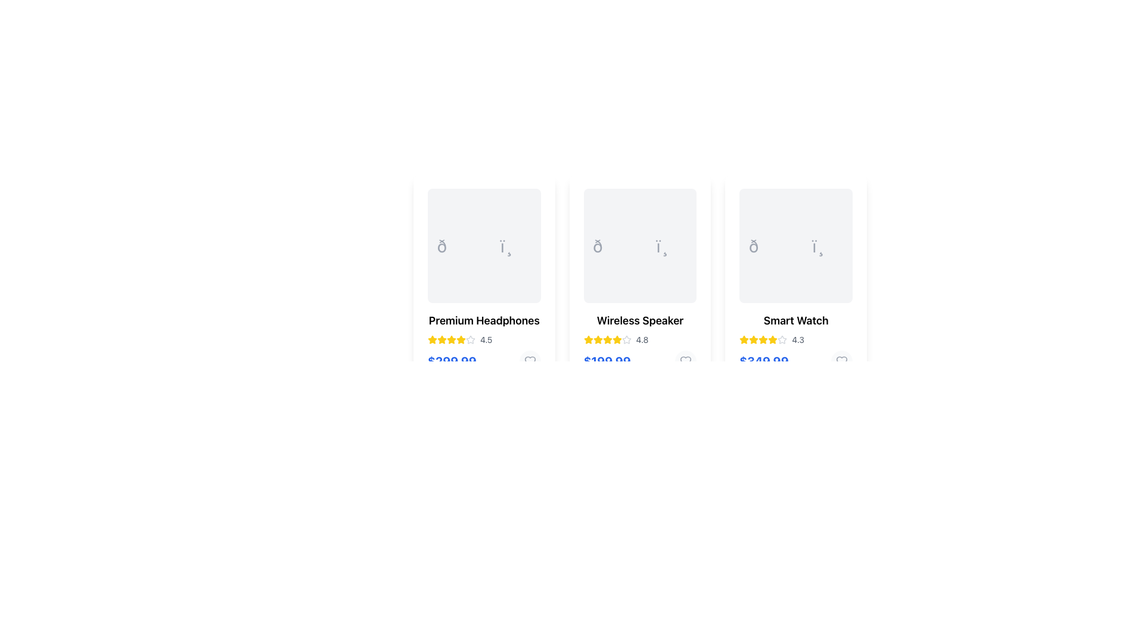 Image resolution: width=1144 pixels, height=643 pixels. I want to click on the bolded price text reading '$199.99' located at the bottom center of the second product card for the 'Wireless Speaker' in the horizontally arranged list, so click(607, 360).